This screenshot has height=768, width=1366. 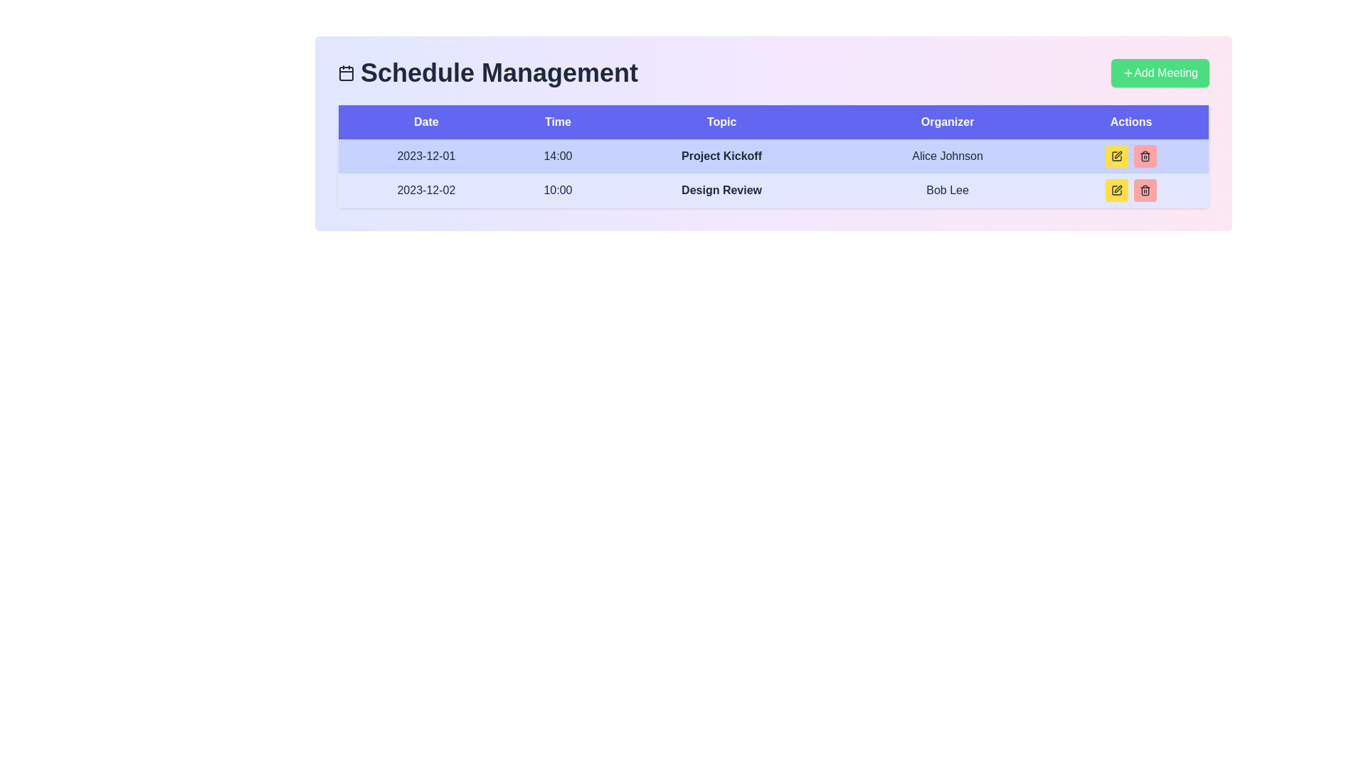 I want to click on the red button with rounded corners containing a trash bin icon in the Actions column of the second row, so click(x=1145, y=189).